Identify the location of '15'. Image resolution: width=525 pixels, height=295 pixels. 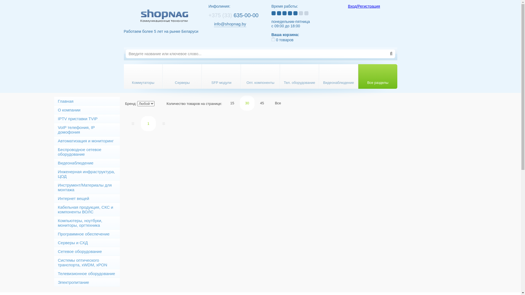
(232, 103).